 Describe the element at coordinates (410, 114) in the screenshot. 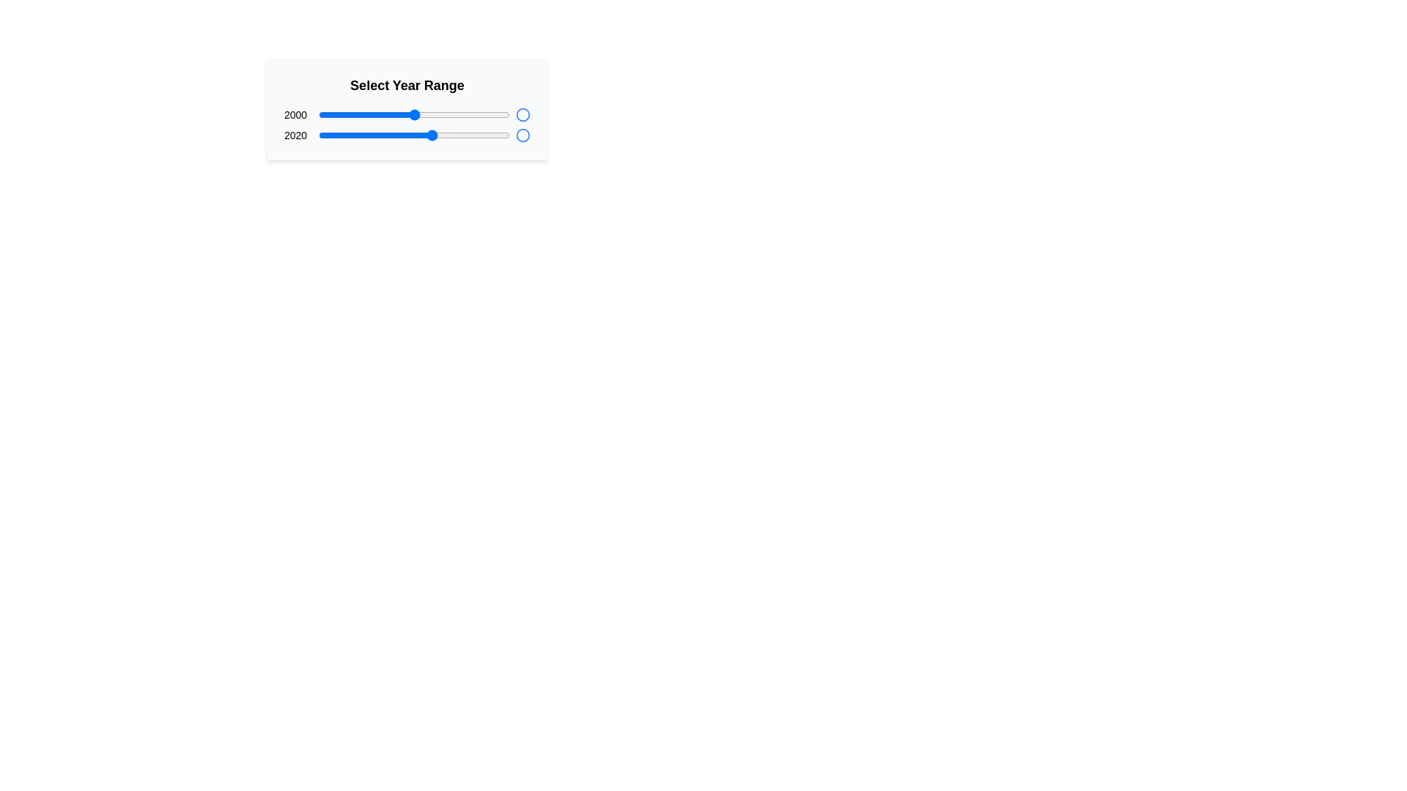

I see `the slider` at that location.